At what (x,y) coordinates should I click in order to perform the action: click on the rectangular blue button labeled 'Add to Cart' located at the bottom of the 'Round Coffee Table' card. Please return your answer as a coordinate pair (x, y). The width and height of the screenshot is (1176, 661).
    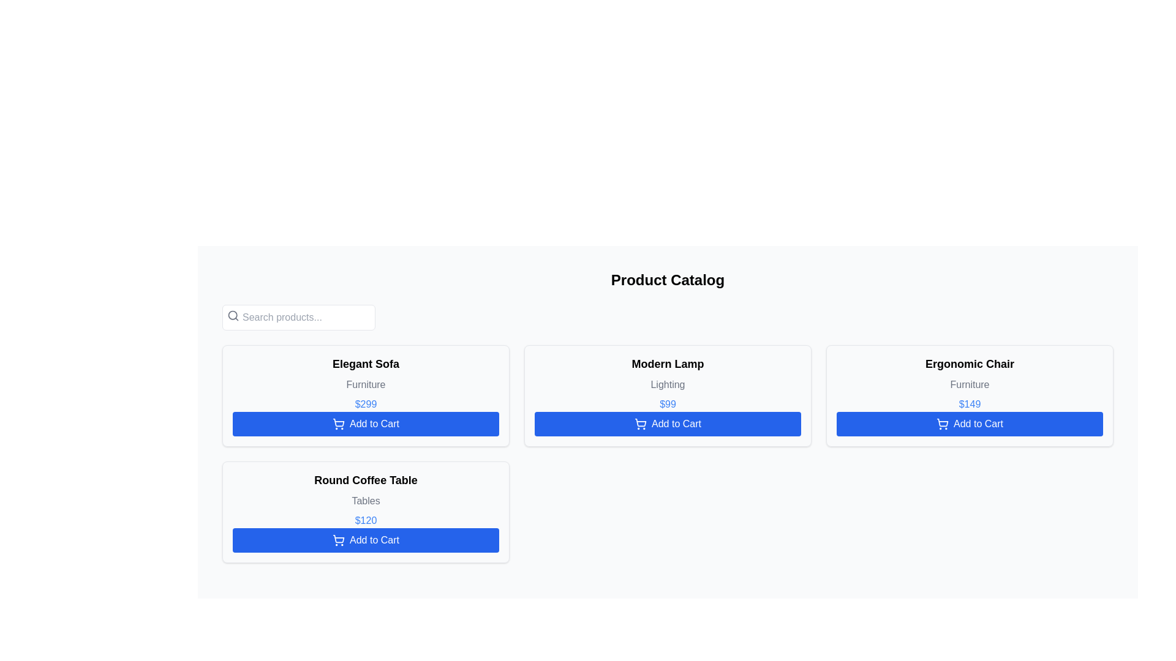
    Looking at the image, I should click on (365, 540).